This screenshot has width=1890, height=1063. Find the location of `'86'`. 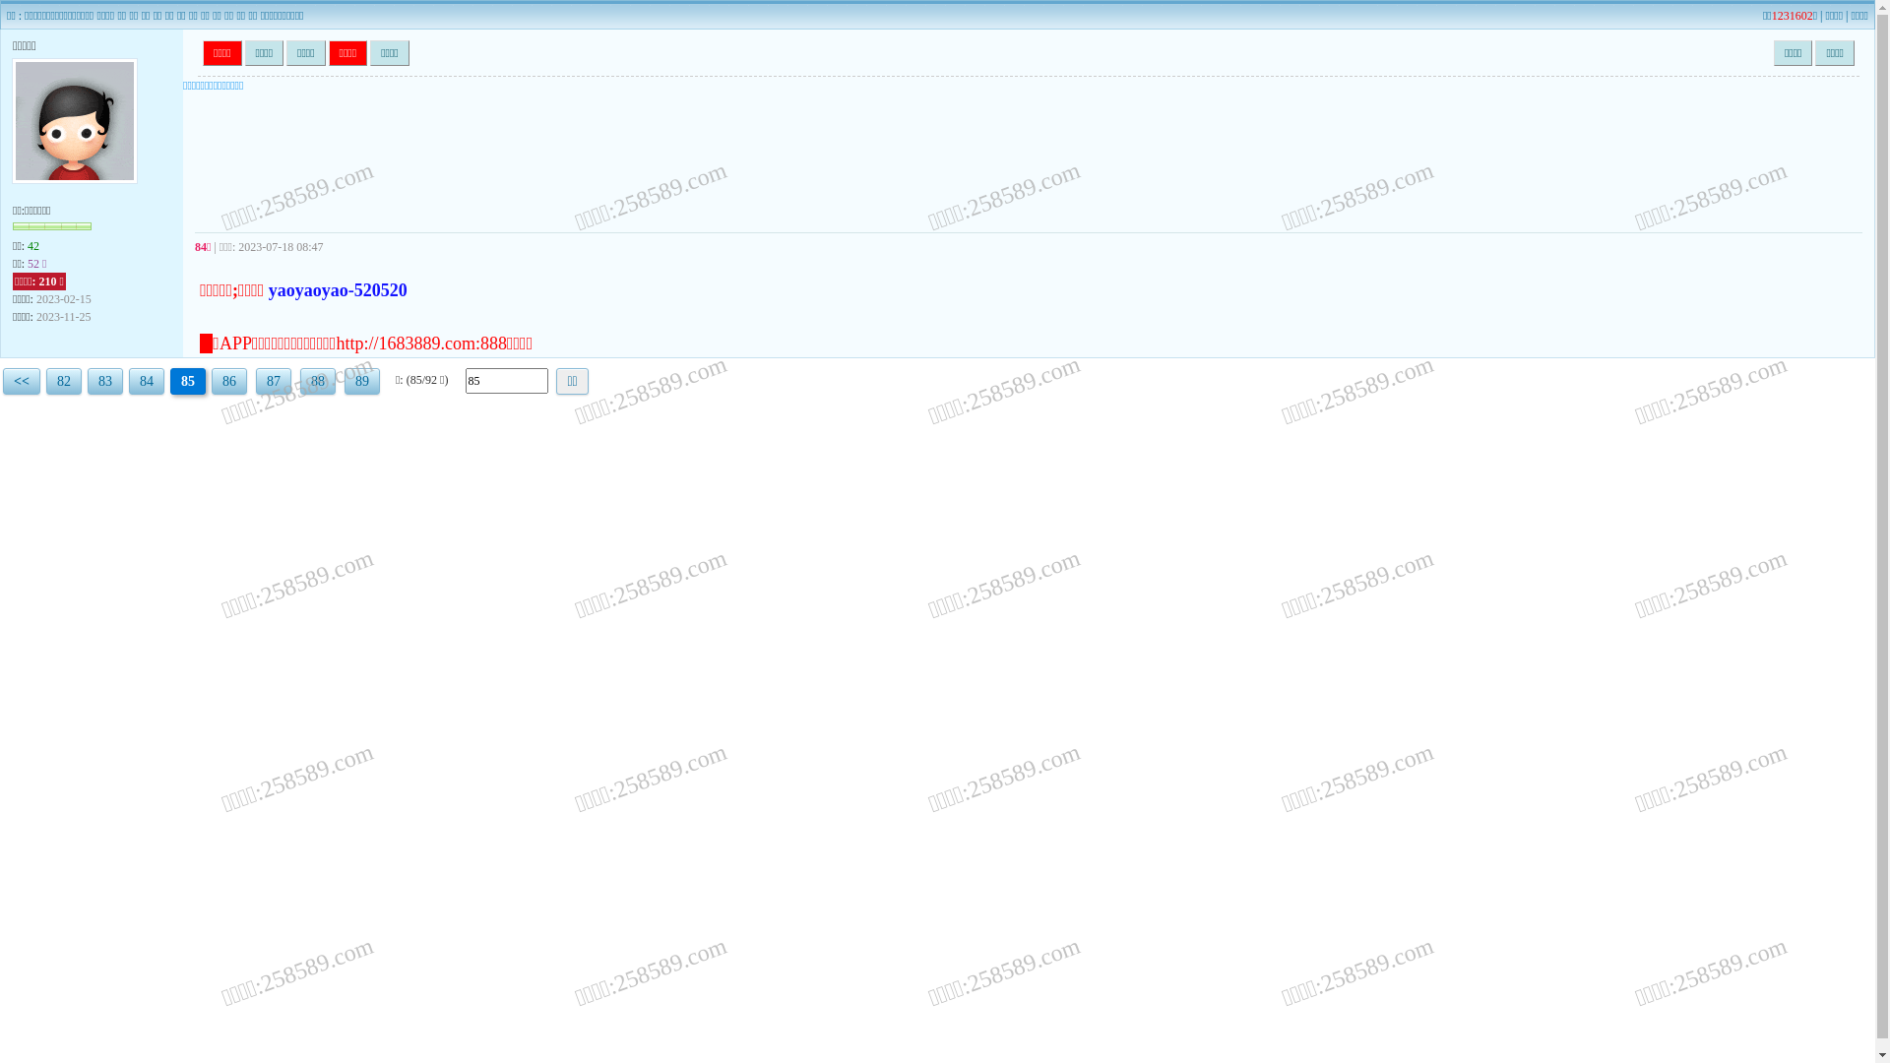

'86' is located at coordinates (229, 381).